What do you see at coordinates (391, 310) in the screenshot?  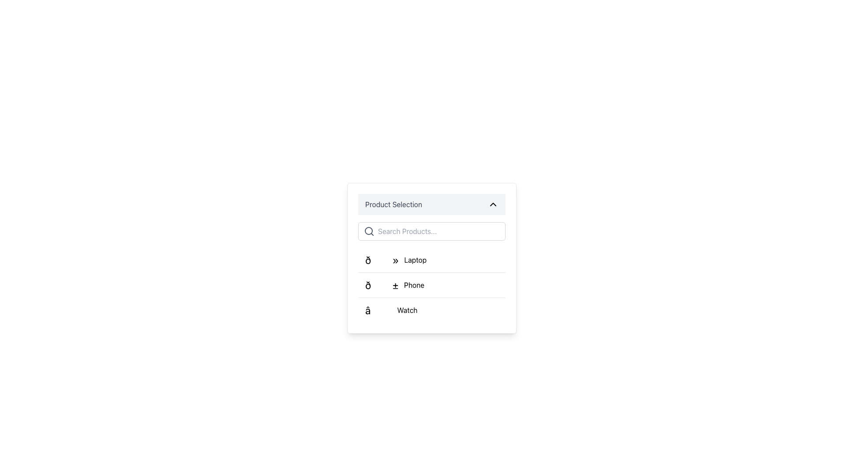 I see `the 'Watch' option in the dropdown menu, which is the last item in the list following 'Laptop' and 'Phone'` at bounding box center [391, 310].